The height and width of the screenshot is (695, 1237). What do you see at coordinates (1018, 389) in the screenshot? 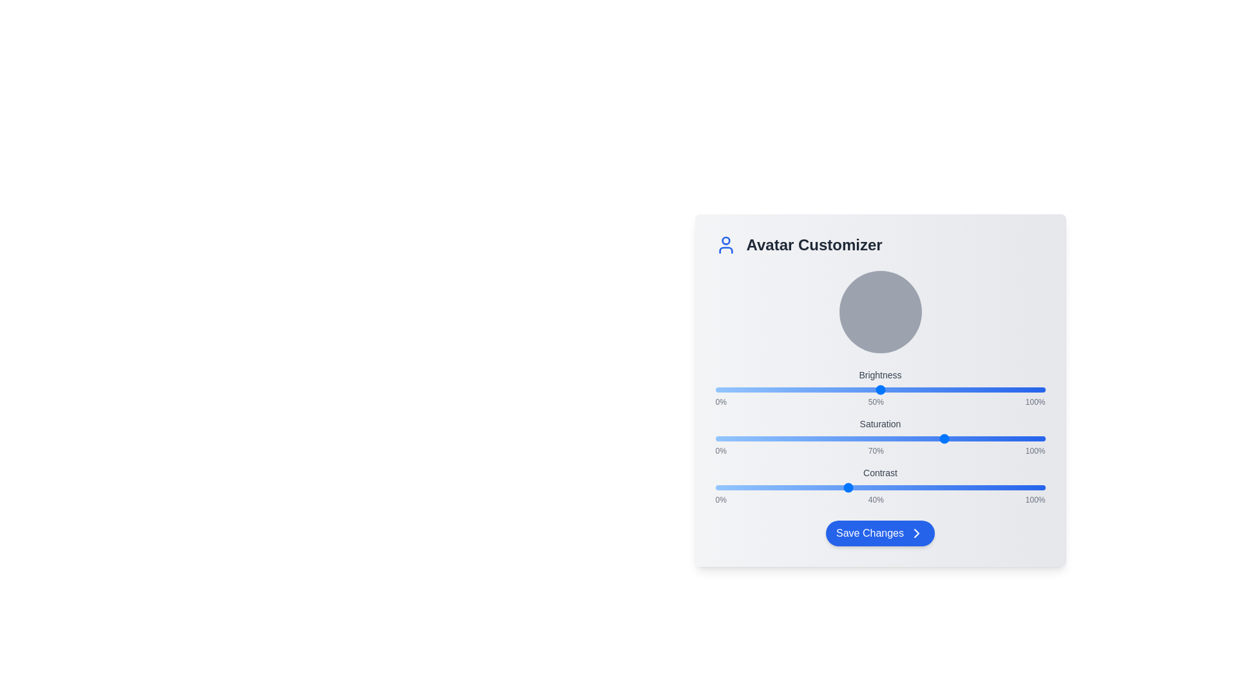
I see `the Brightness slider to 92%` at bounding box center [1018, 389].